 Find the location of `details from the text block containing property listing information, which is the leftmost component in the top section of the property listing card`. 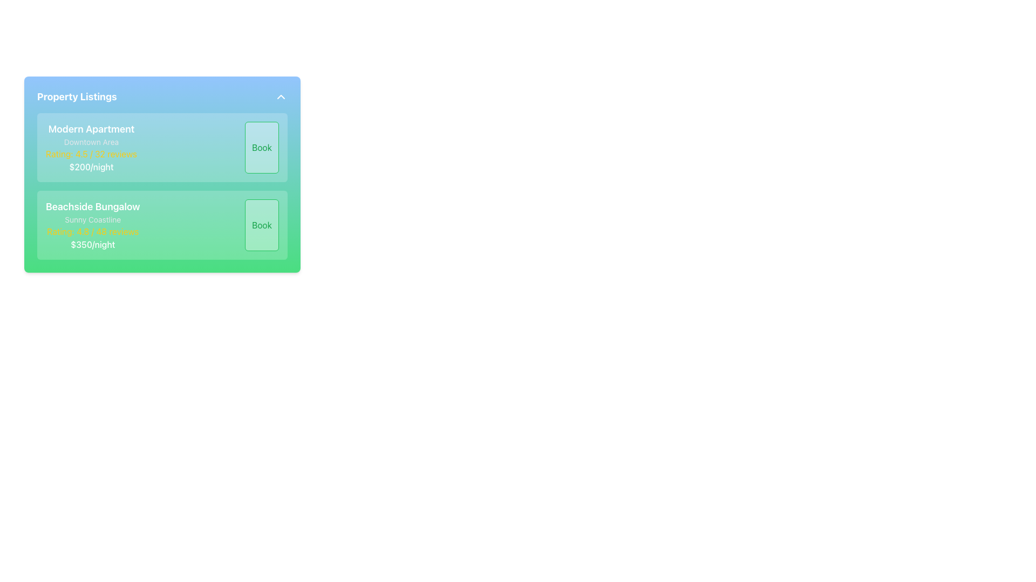

details from the text block containing property listing information, which is the leftmost component in the top section of the property listing card is located at coordinates (91, 147).